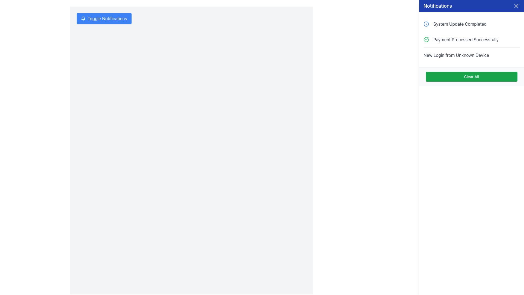 This screenshot has width=524, height=295. I want to click on the header text in the top-right corner of the user interface, which is part of a horizontal blue bar and positioned to the left of an icon, so click(438, 6).